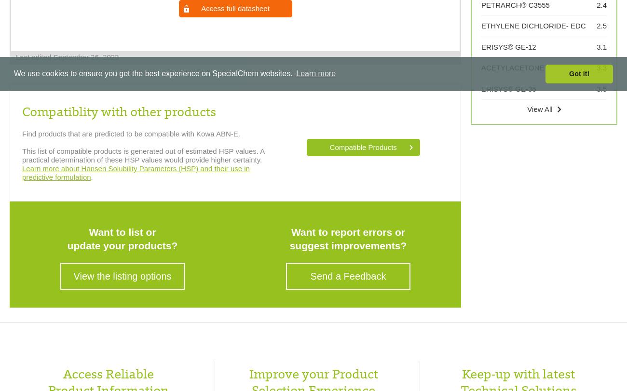  I want to click on 'suggest improvements?', so click(348, 244).